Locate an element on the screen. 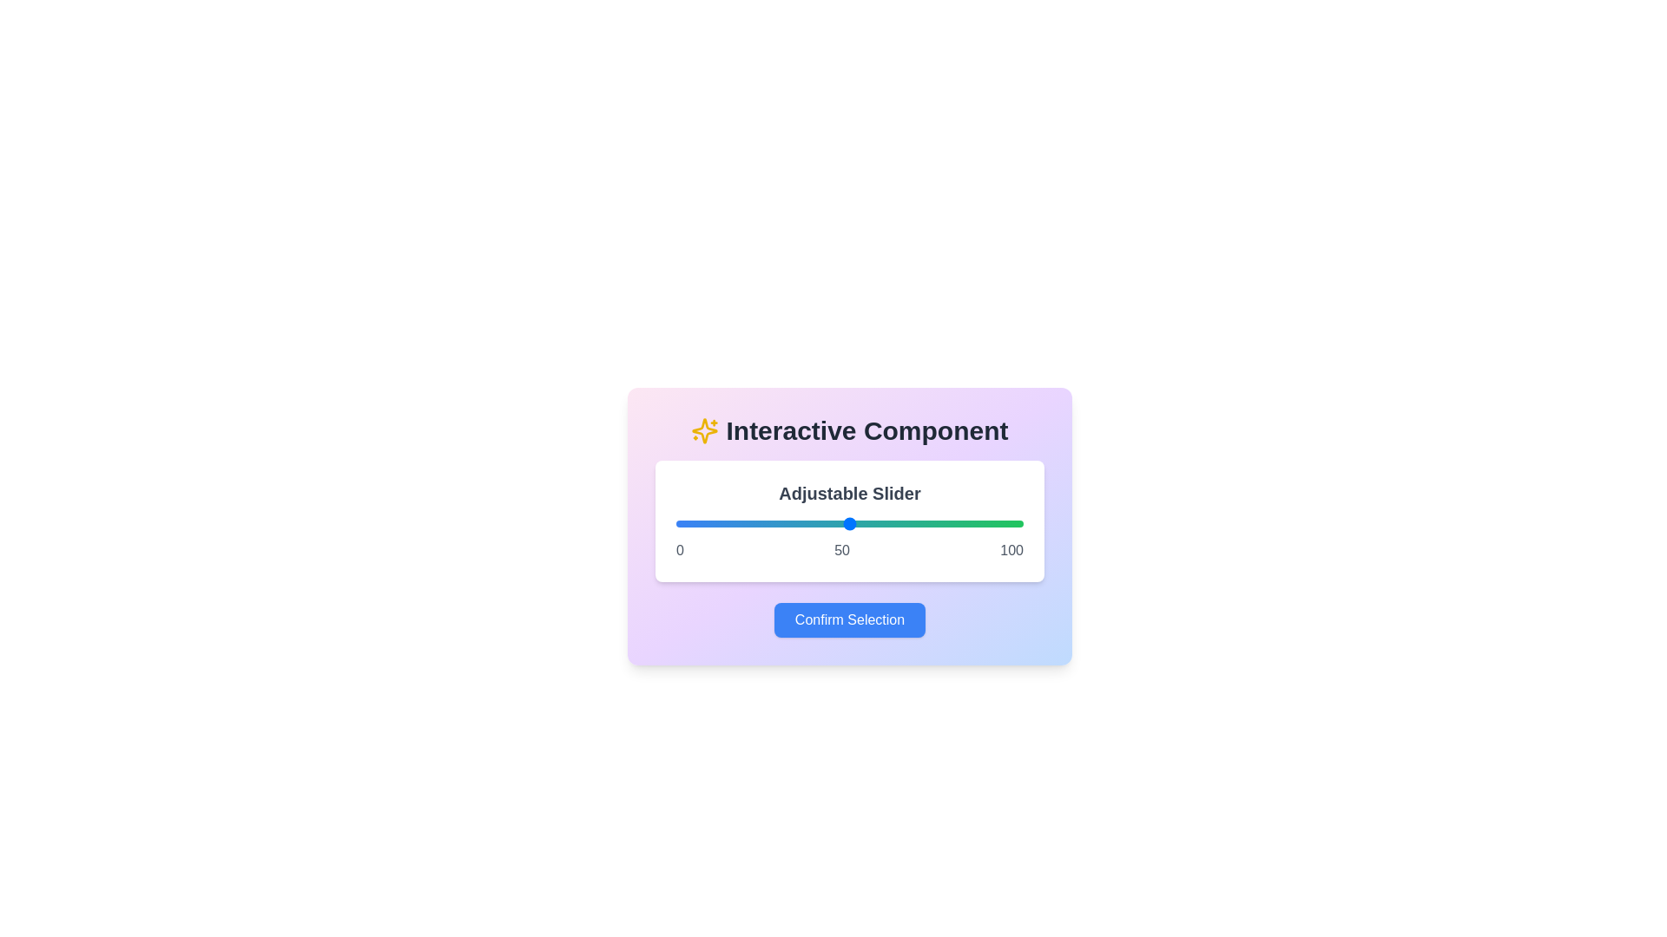 Image resolution: width=1667 pixels, height=937 pixels. the slider to set its value to 89 is located at coordinates (985, 523).